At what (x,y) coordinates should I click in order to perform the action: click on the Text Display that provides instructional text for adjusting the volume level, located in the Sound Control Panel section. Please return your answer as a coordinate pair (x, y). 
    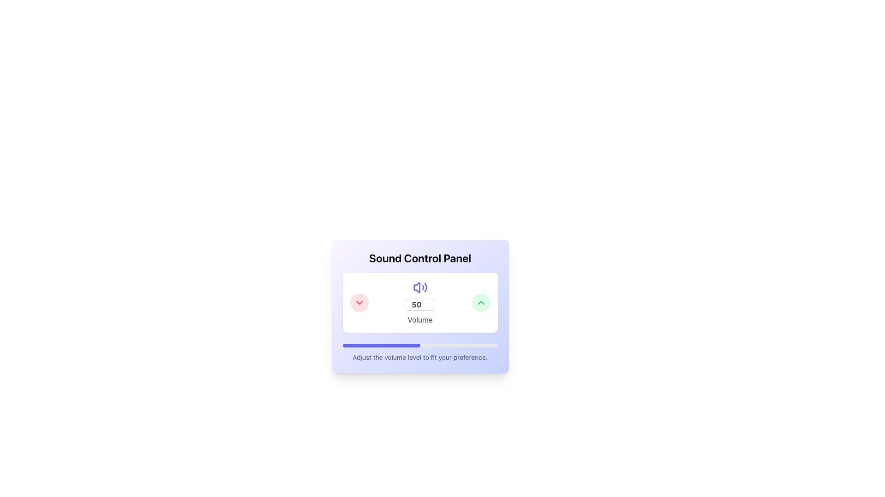
    Looking at the image, I should click on (419, 357).